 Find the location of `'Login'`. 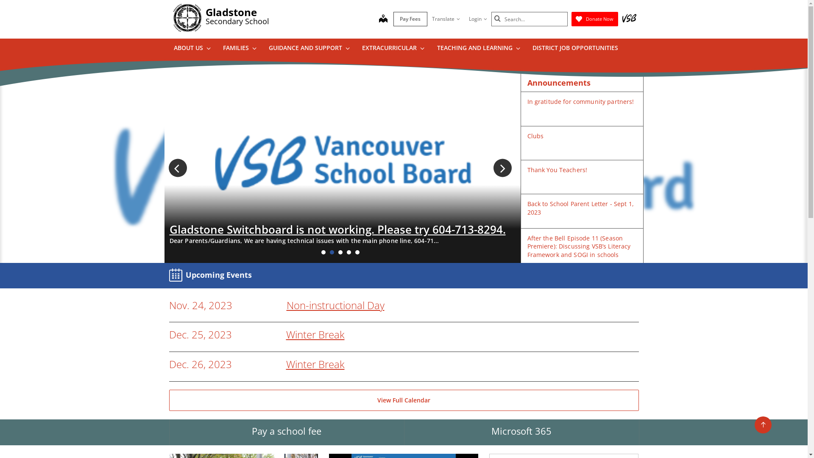

'Login' is located at coordinates (477, 19).